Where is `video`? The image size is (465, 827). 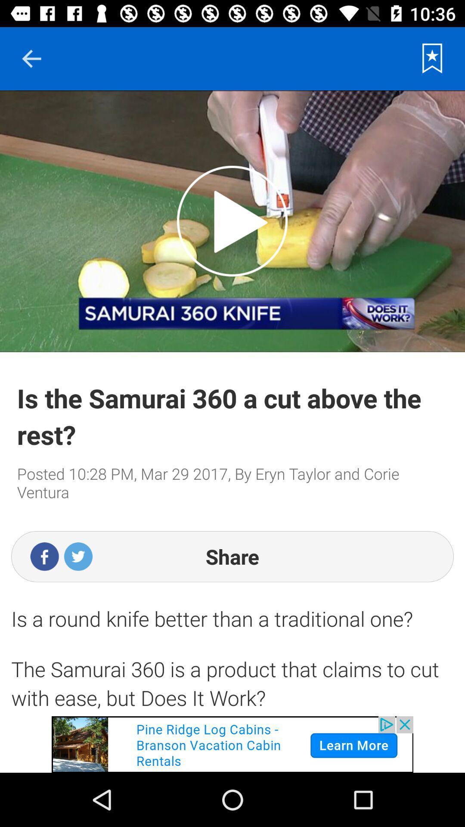
video is located at coordinates (232, 221).